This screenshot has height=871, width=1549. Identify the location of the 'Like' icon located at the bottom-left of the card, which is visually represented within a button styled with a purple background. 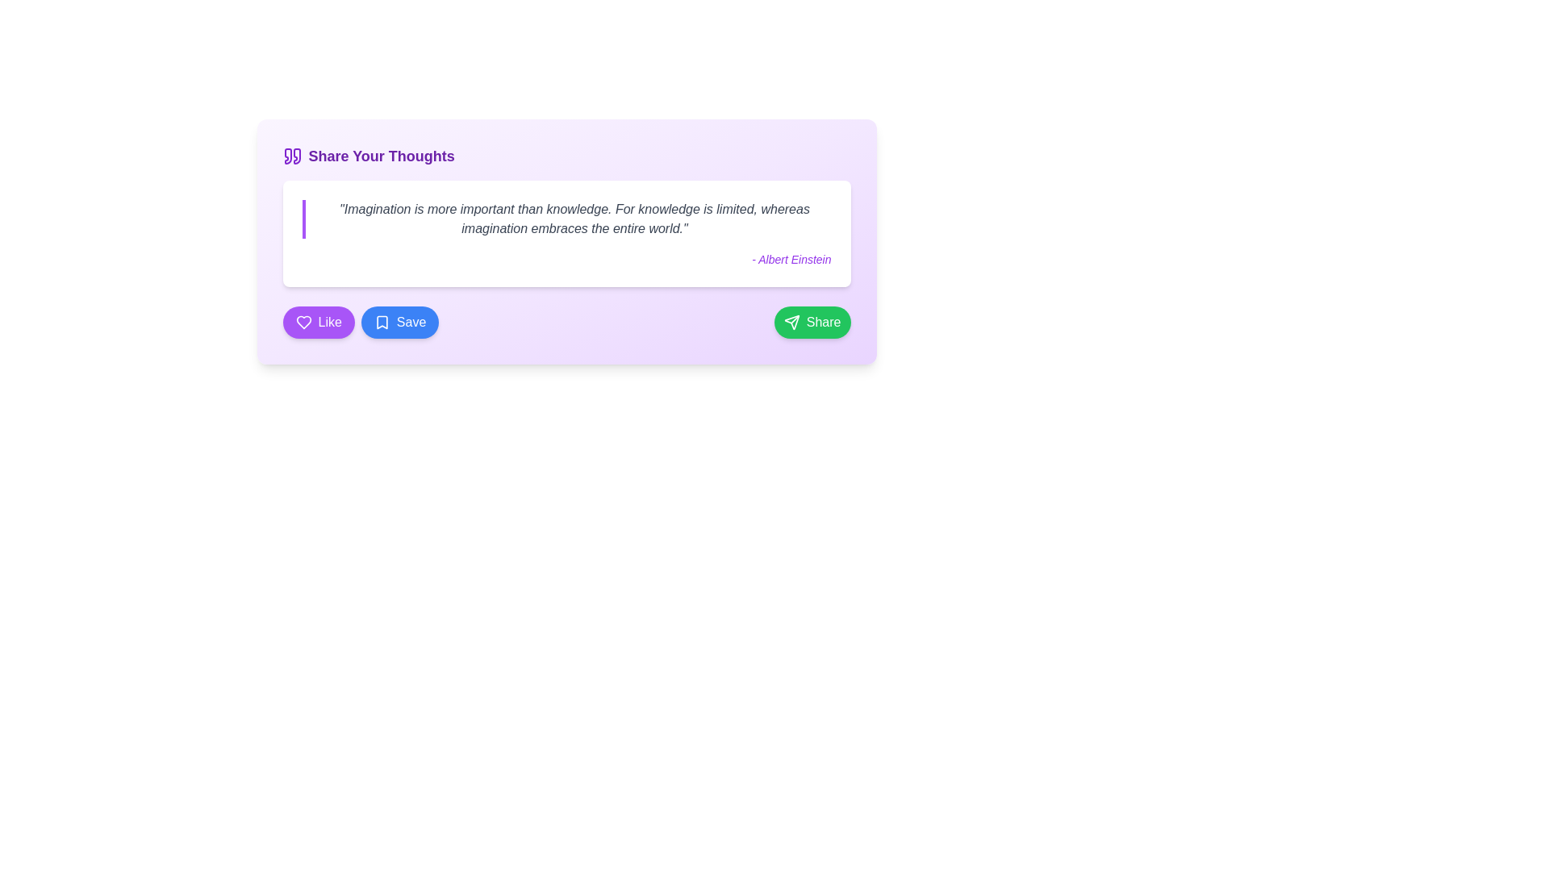
(303, 323).